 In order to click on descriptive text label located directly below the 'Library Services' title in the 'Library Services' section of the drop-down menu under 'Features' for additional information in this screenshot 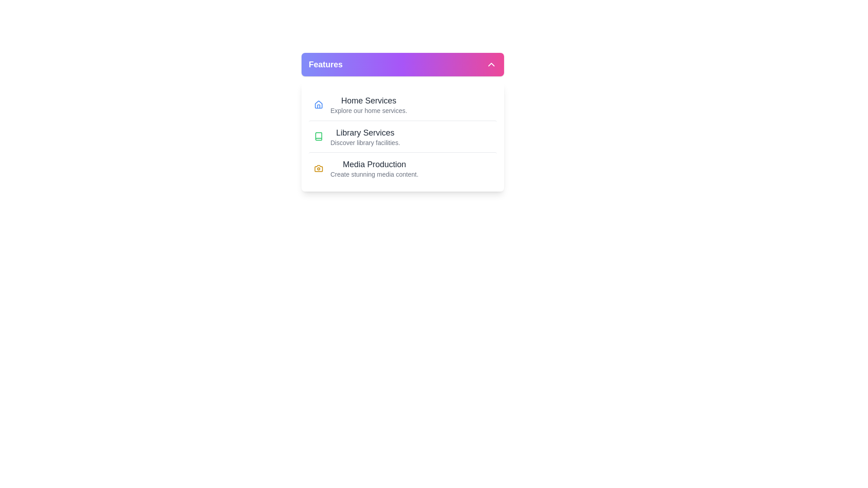, I will do `click(365, 142)`.